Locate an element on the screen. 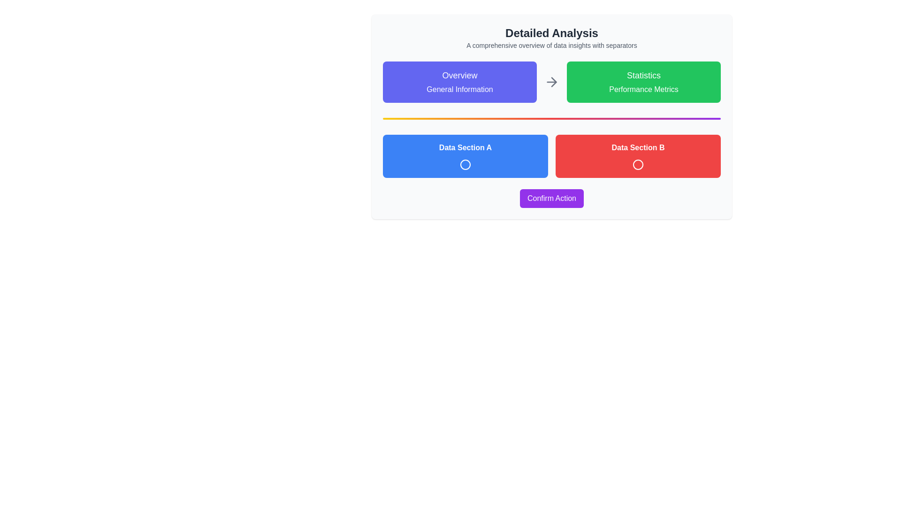 The height and width of the screenshot is (507, 901). the text label indicating 'Data Section B', which is horizontally aligned in the middle of a red rounded rectangle is located at coordinates (638, 148).